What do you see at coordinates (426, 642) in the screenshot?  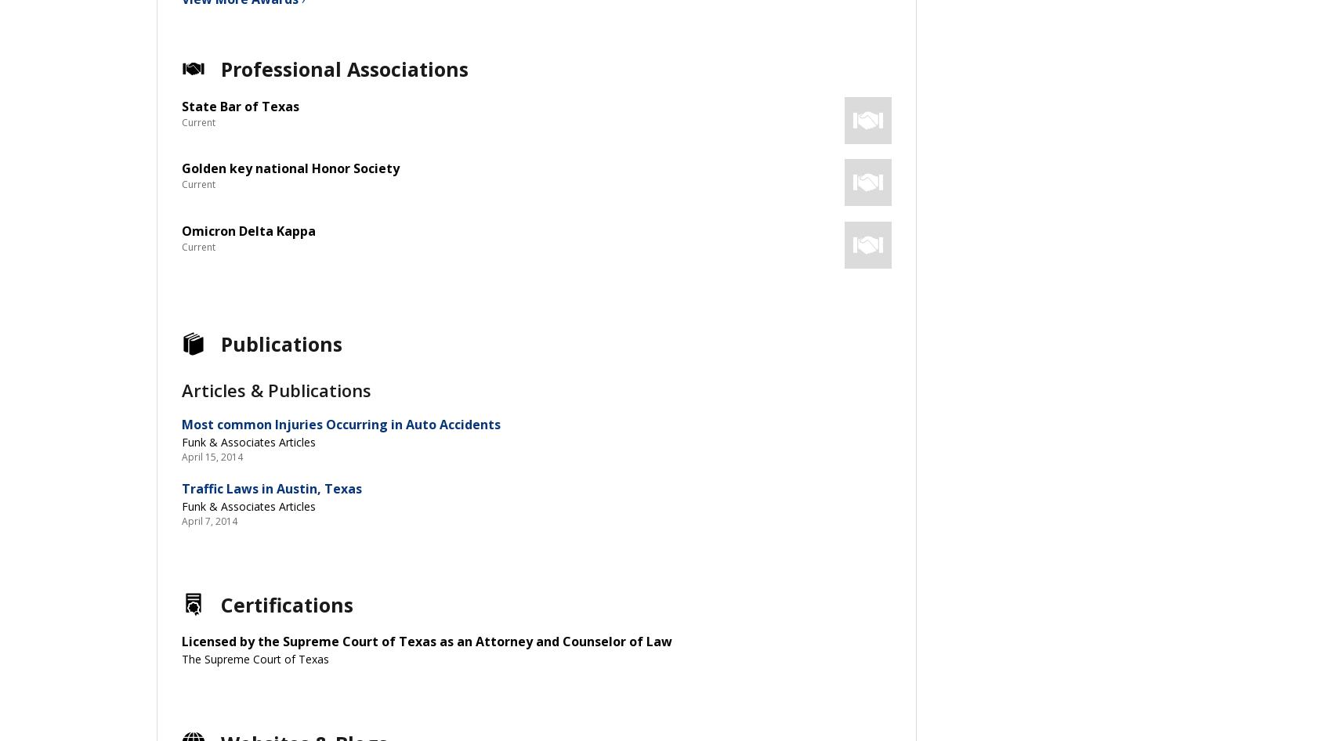 I see `'Licensed by the Supreme Court of Texas as an Attorney and Counselor of Law'` at bounding box center [426, 642].